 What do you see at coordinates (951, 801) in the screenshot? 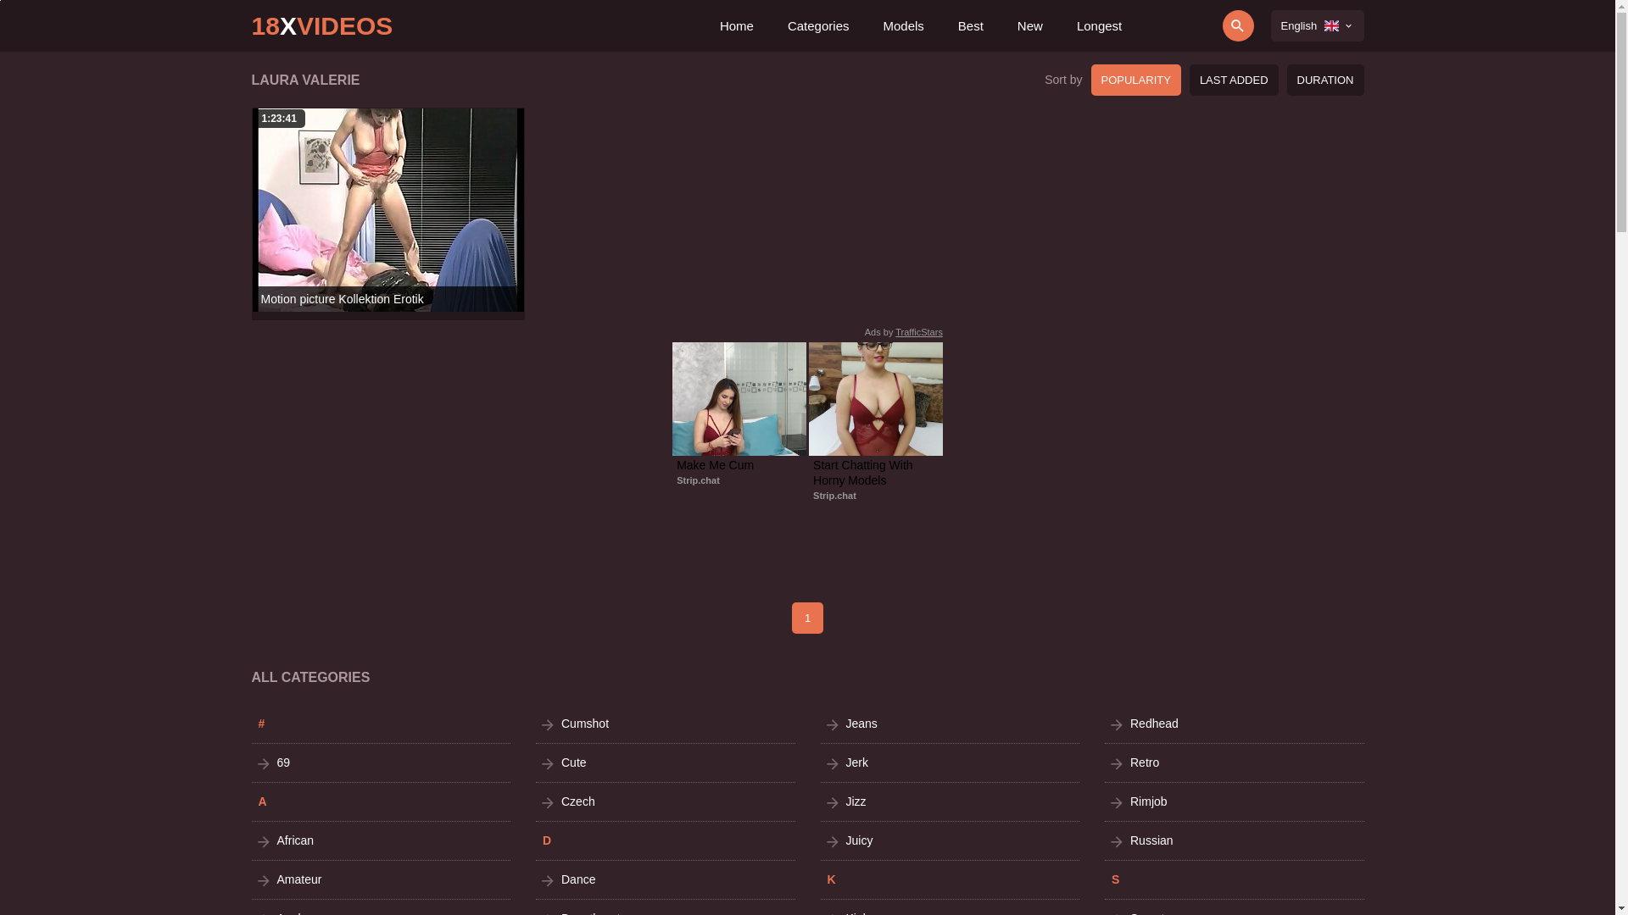
I see `'Jizz'` at bounding box center [951, 801].